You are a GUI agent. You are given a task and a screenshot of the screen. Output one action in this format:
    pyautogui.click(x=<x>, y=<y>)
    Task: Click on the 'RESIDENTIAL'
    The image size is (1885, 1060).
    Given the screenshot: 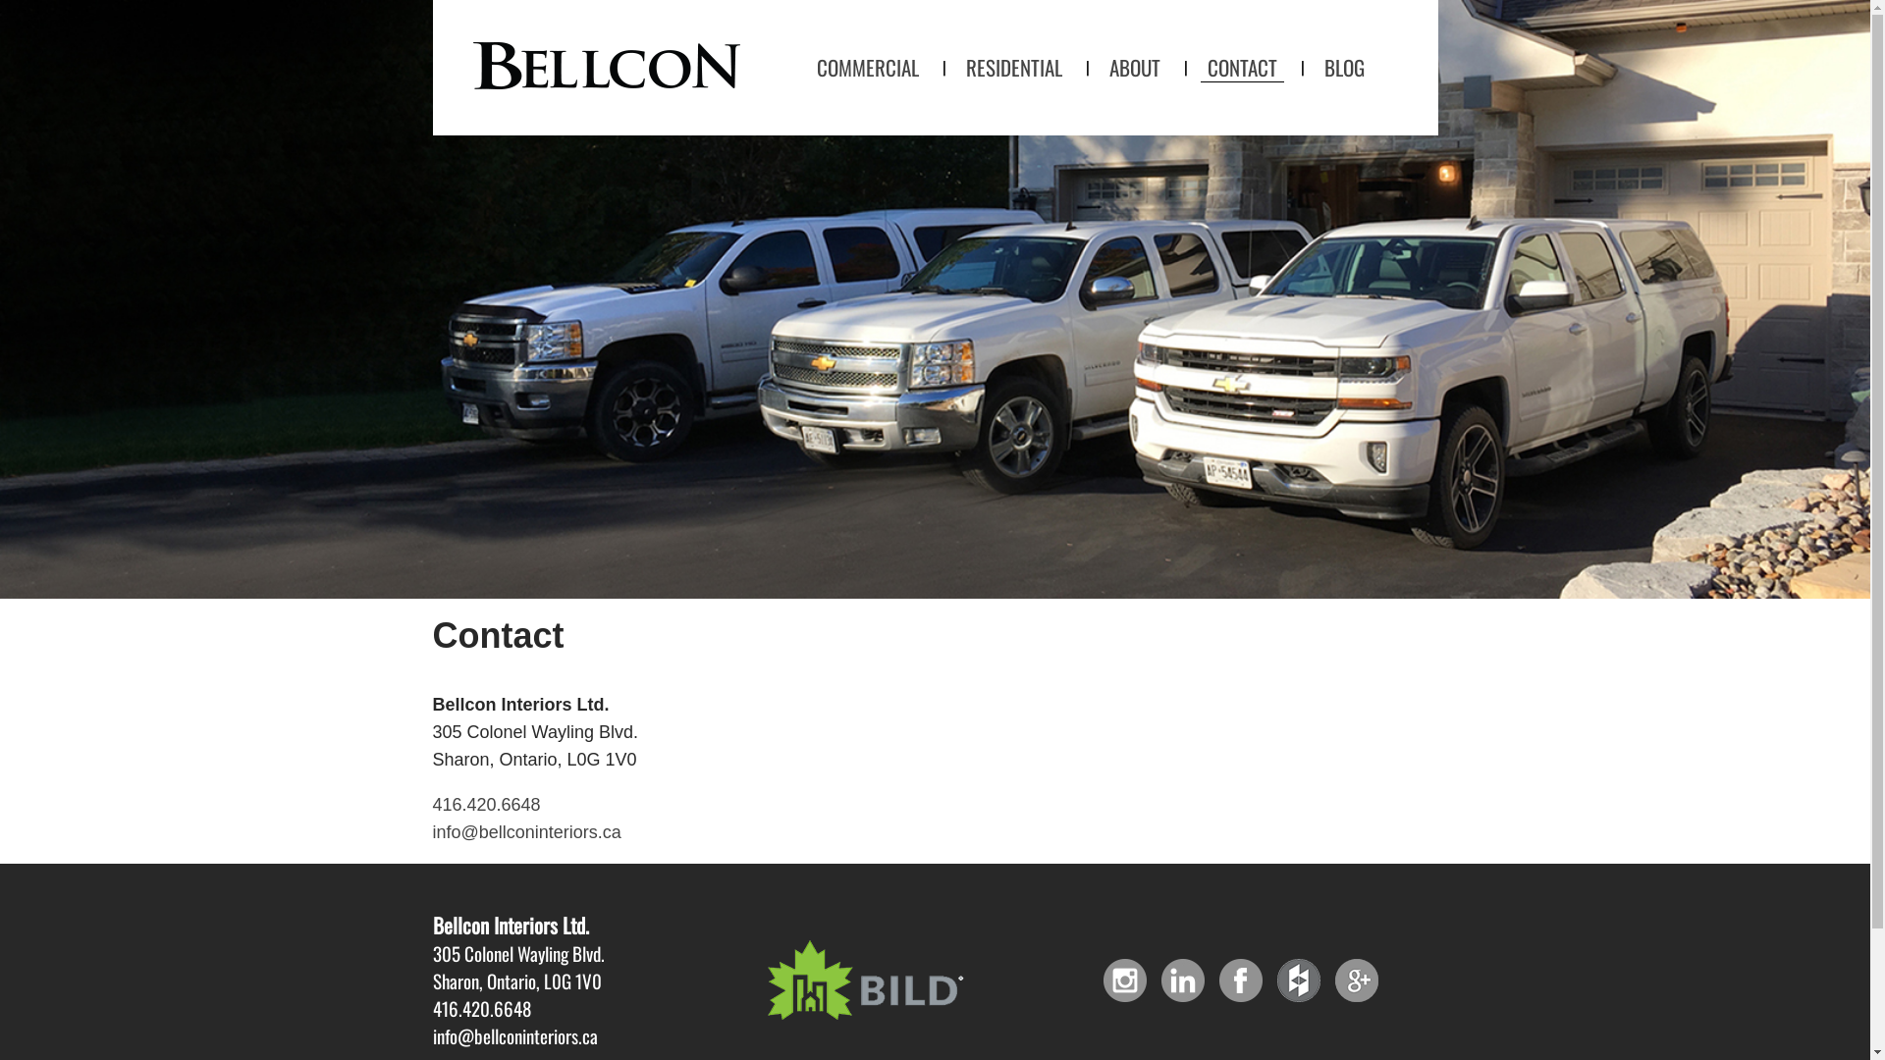 What is the action you would take?
    pyautogui.click(x=1013, y=67)
    